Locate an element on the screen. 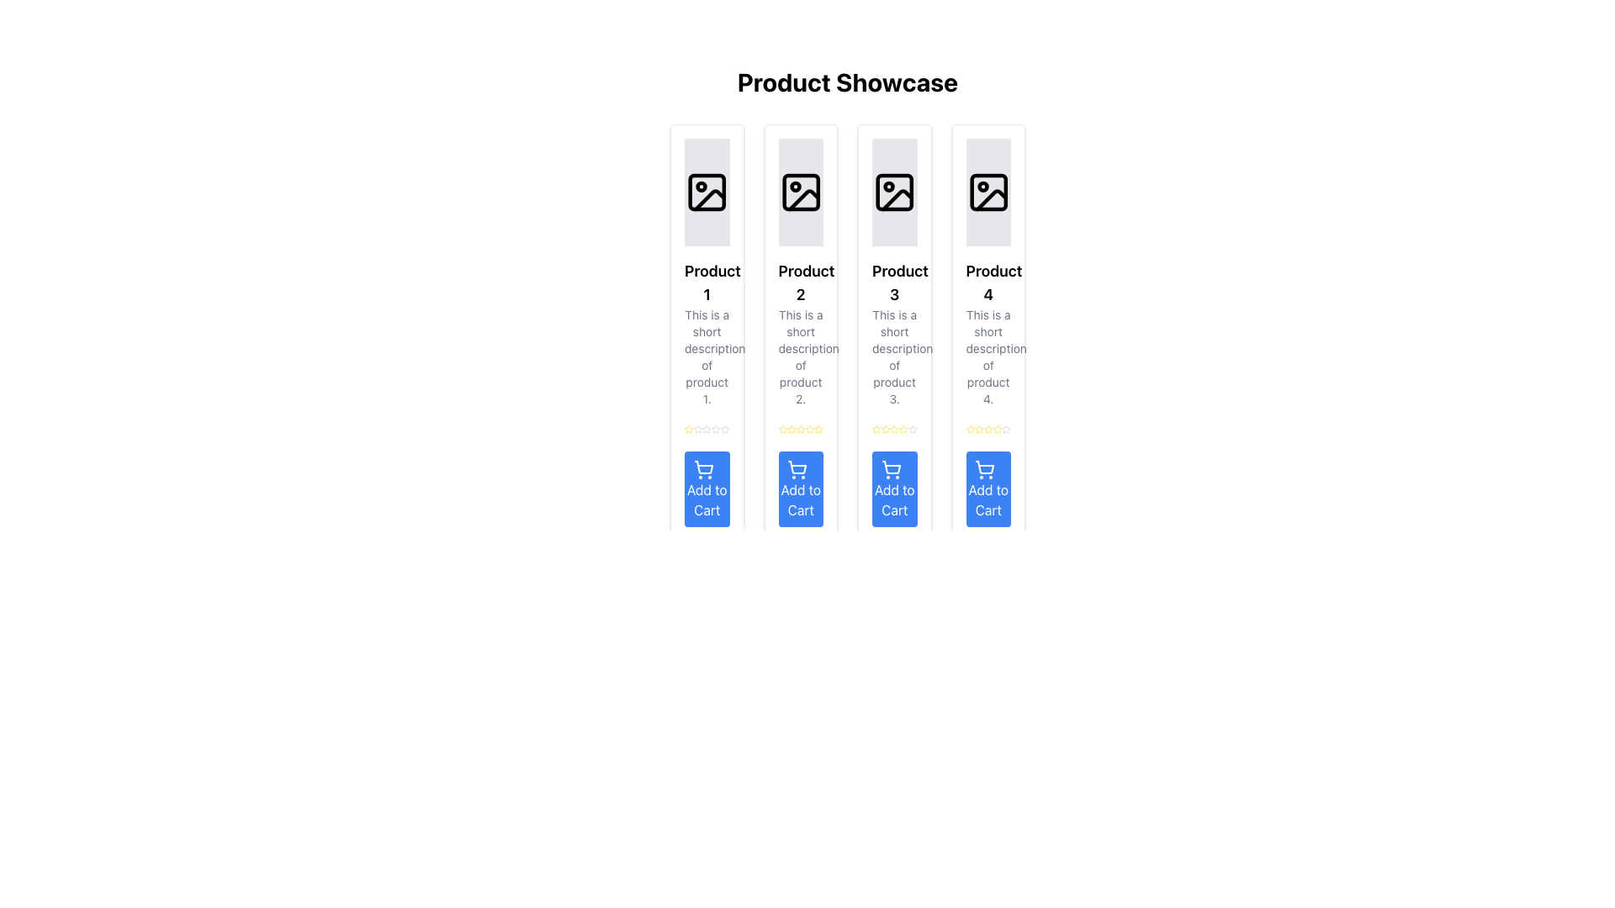  the button located at the bottom of the fourth product card is located at coordinates (988, 488).